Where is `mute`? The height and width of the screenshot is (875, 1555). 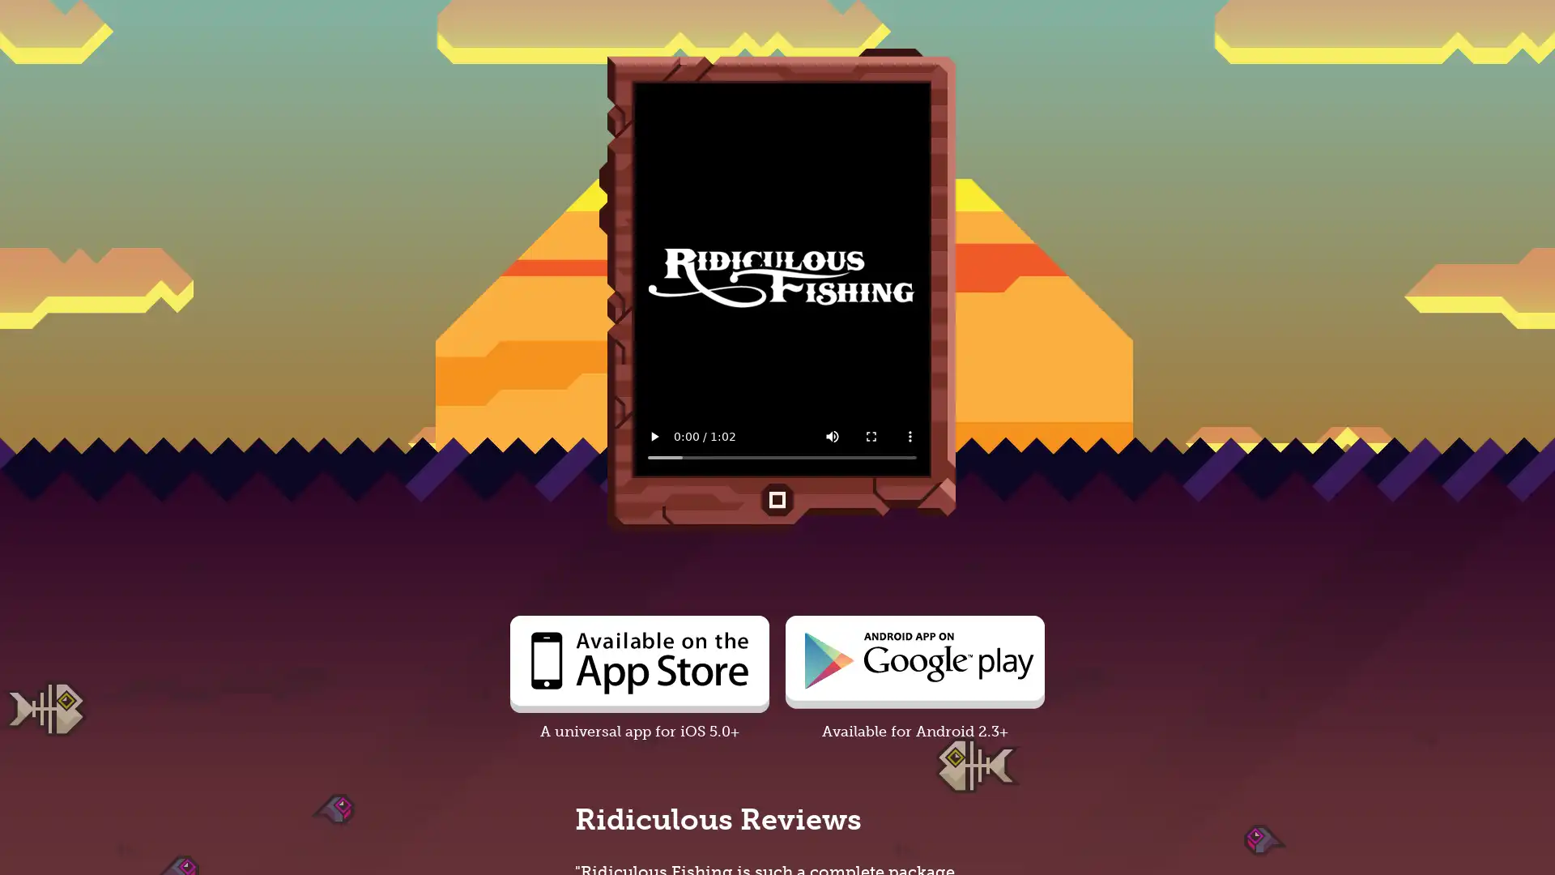
mute is located at coordinates (832, 436).